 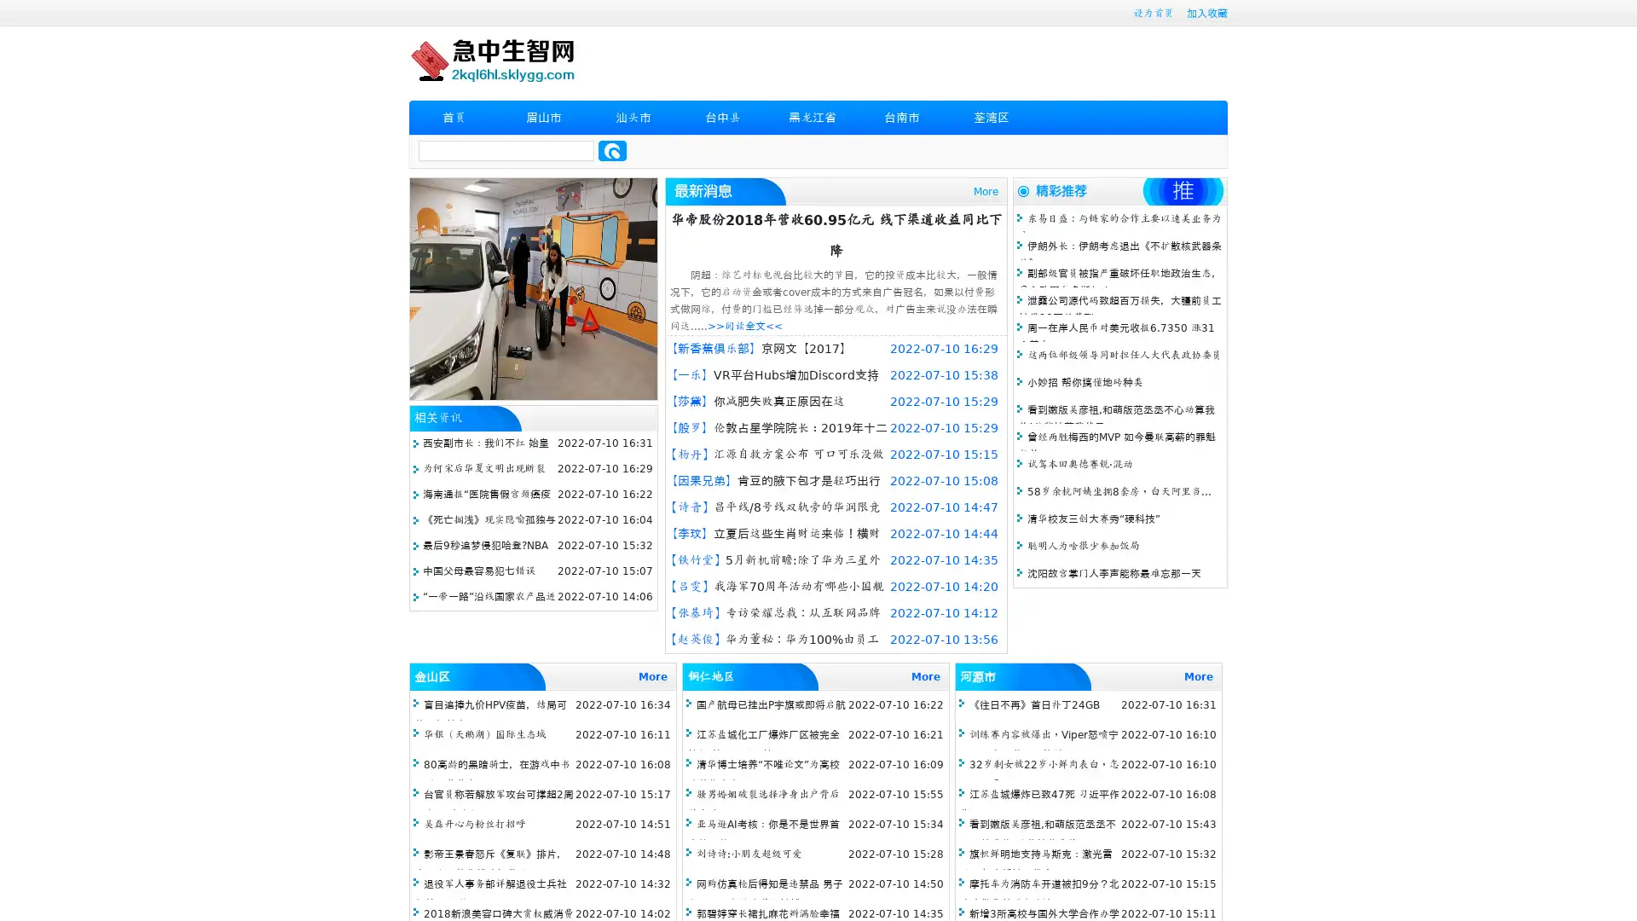 What do you see at coordinates (612, 150) in the screenshot?
I see `Search` at bounding box center [612, 150].